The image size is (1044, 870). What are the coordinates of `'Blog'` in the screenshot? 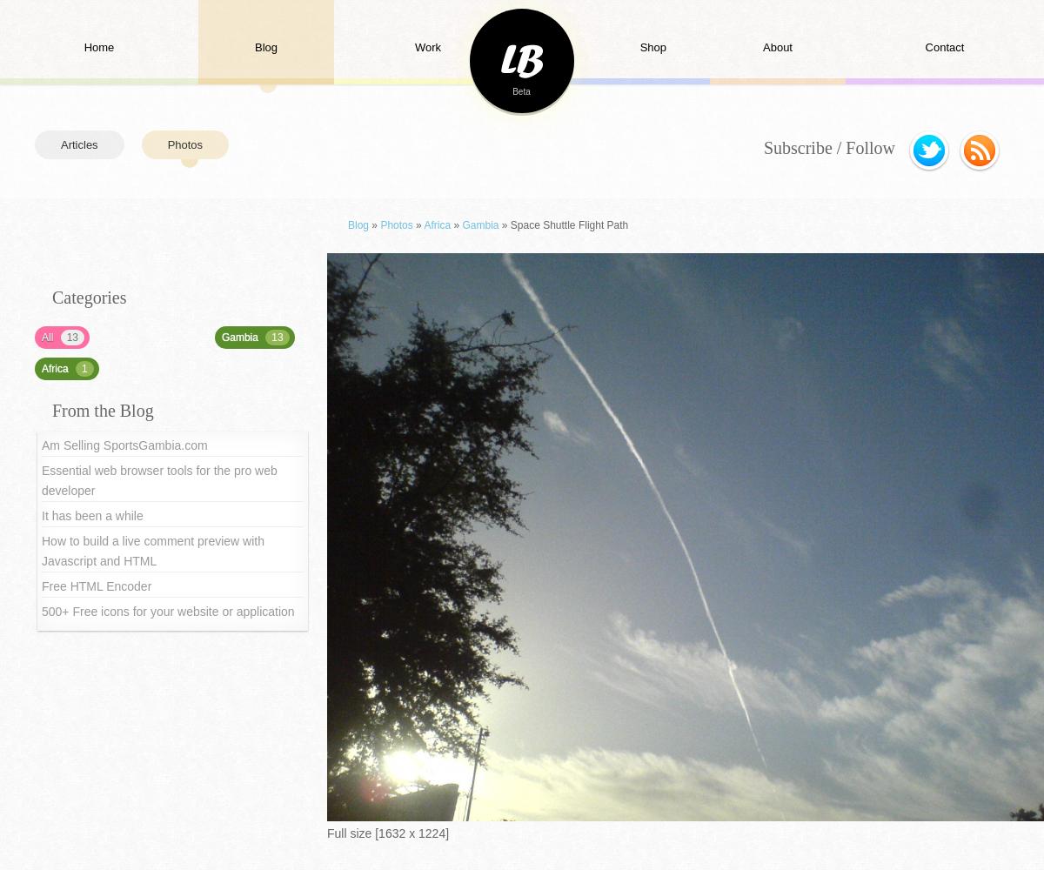 It's located at (358, 225).